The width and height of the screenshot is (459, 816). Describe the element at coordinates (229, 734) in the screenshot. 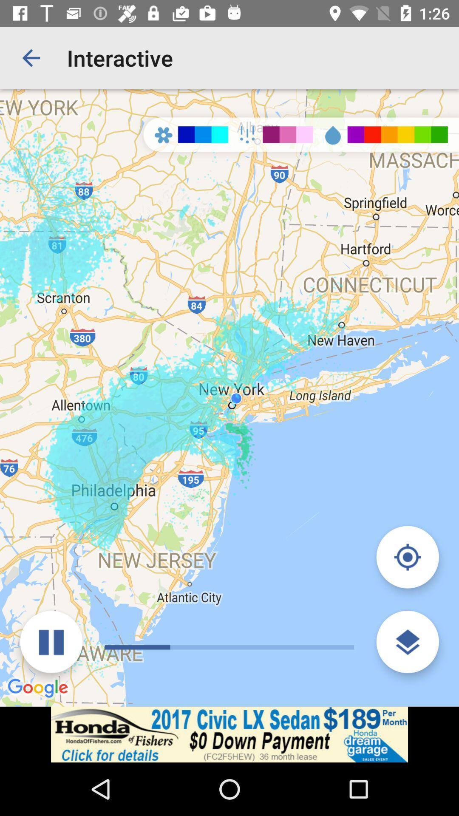

I see `advertisement area` at that location.